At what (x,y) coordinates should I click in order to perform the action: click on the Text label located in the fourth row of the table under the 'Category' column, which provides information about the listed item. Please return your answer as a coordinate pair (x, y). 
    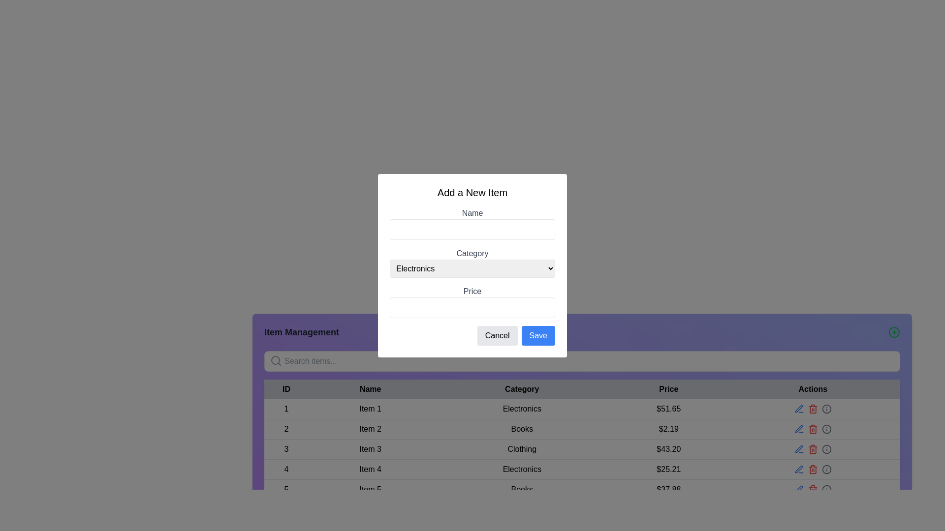
    Looking at the image, I should click on (521, 469).